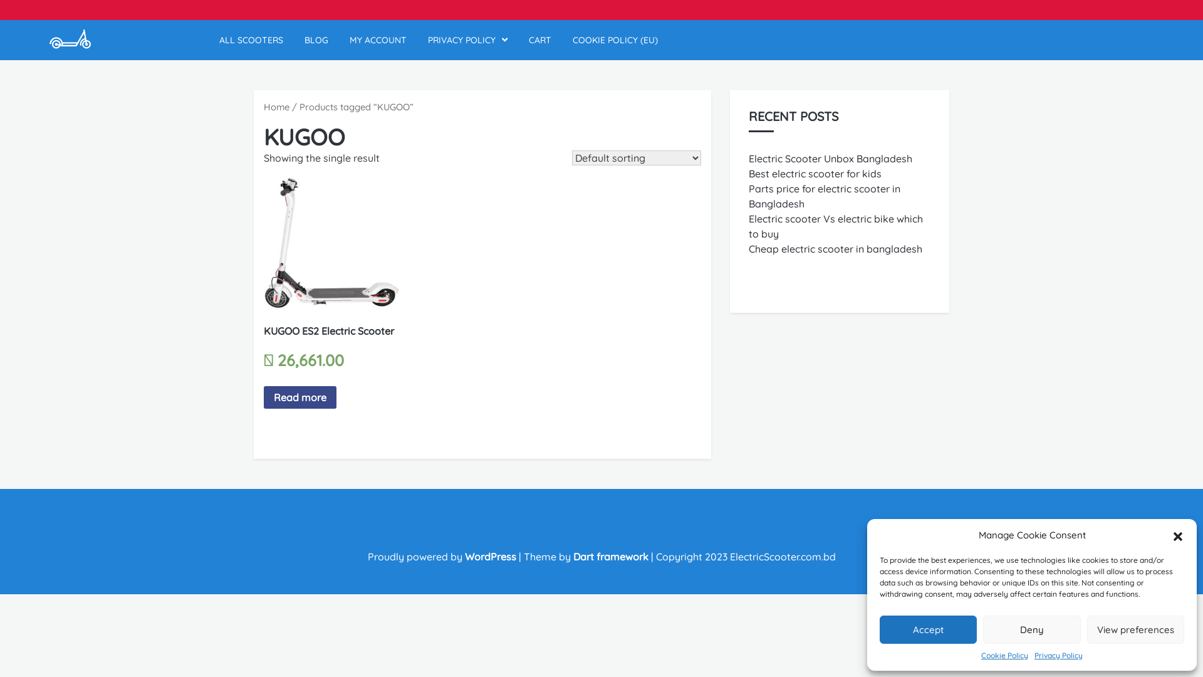  Describe the element at coordinates (749, 174) in the screenshot. I see `'Best electric scooter for kids'` at that location.